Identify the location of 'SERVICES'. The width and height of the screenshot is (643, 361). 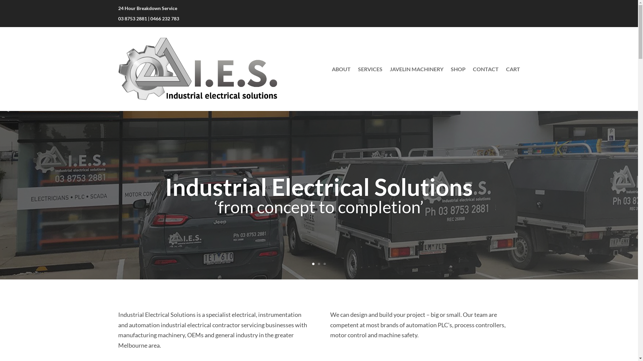
(369, 69).